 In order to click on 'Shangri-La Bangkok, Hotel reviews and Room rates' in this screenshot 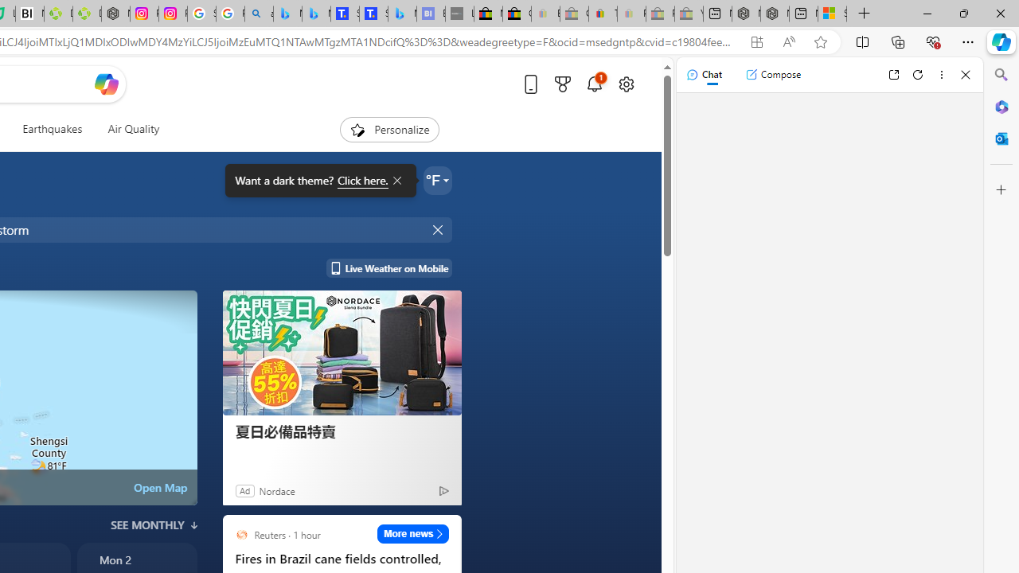, I will do `click(373, 14)`.